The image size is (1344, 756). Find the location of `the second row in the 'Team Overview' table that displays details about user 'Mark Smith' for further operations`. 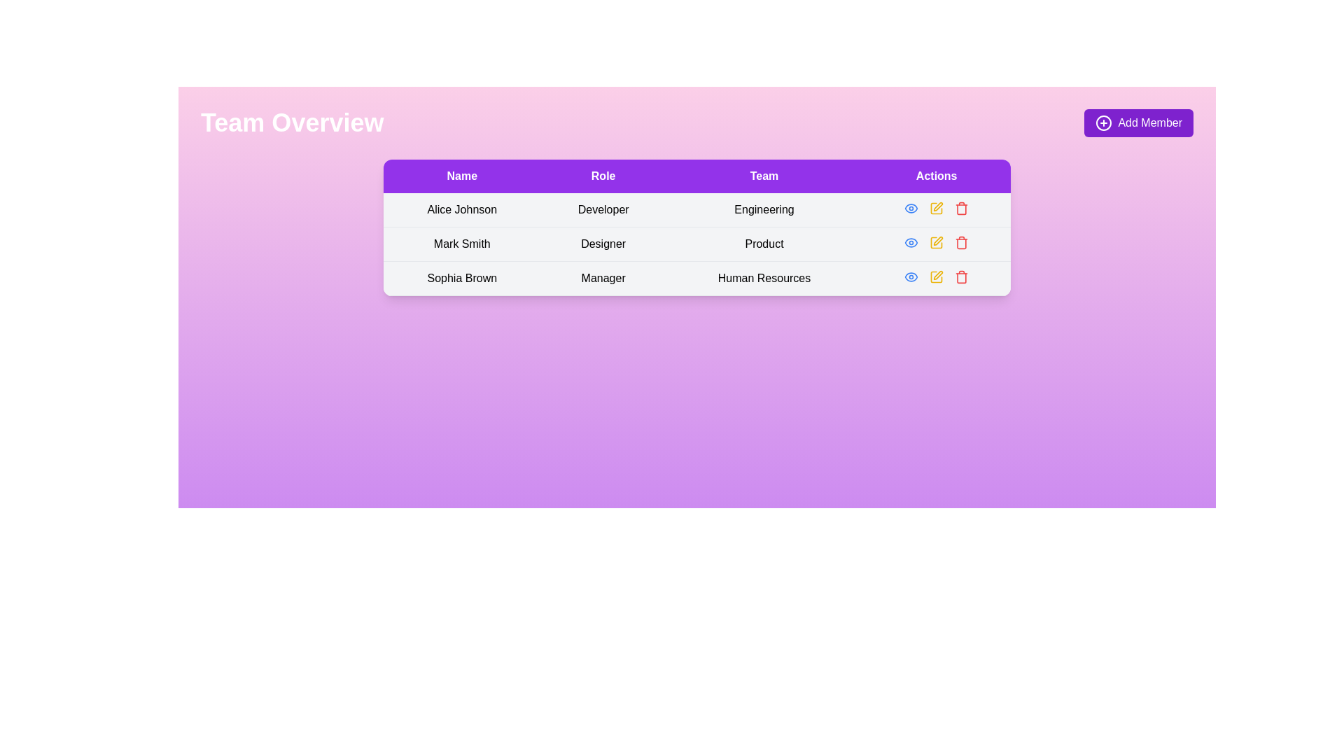

the second row in the 'Team Overview' table that displays details about user 'Mark Smith' for further operations is located at coordinates (697, 243).